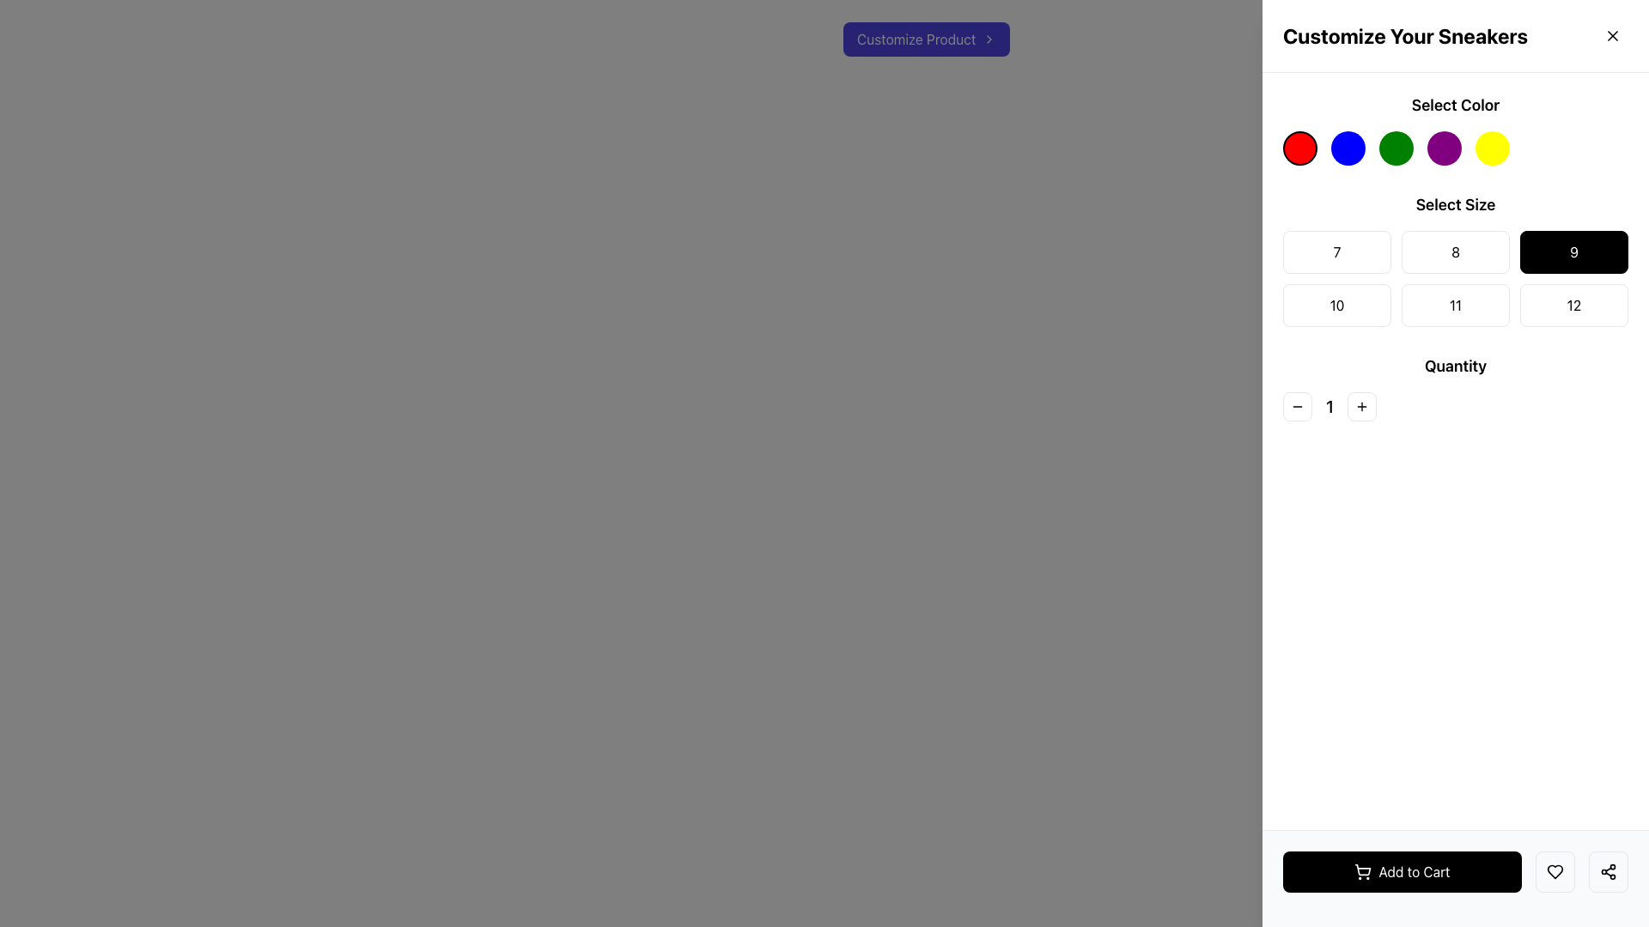 This screenshot has height=927, width=1649. I want to click on the fourth circular button under the 'Select Color' heading in the right-side panel, so click(1454, 148).